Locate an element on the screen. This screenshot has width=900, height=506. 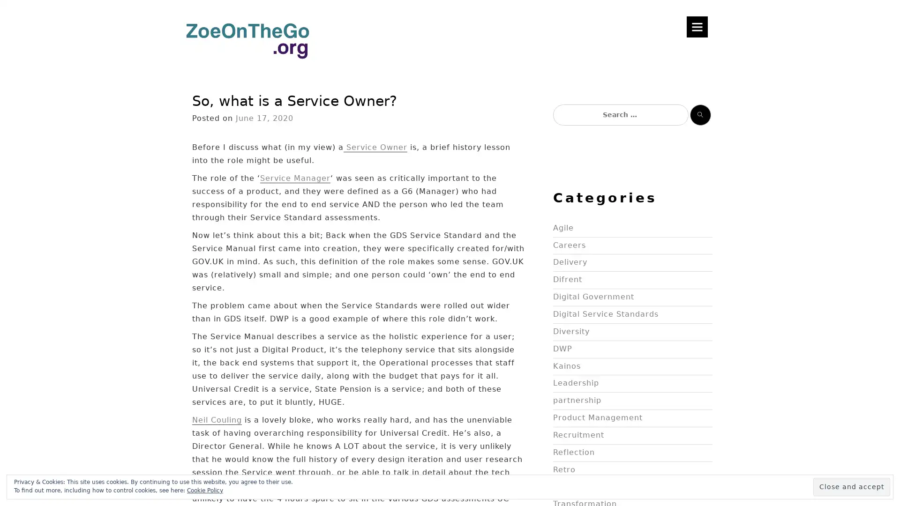
Close and accept is located at coordinates (852, 486).